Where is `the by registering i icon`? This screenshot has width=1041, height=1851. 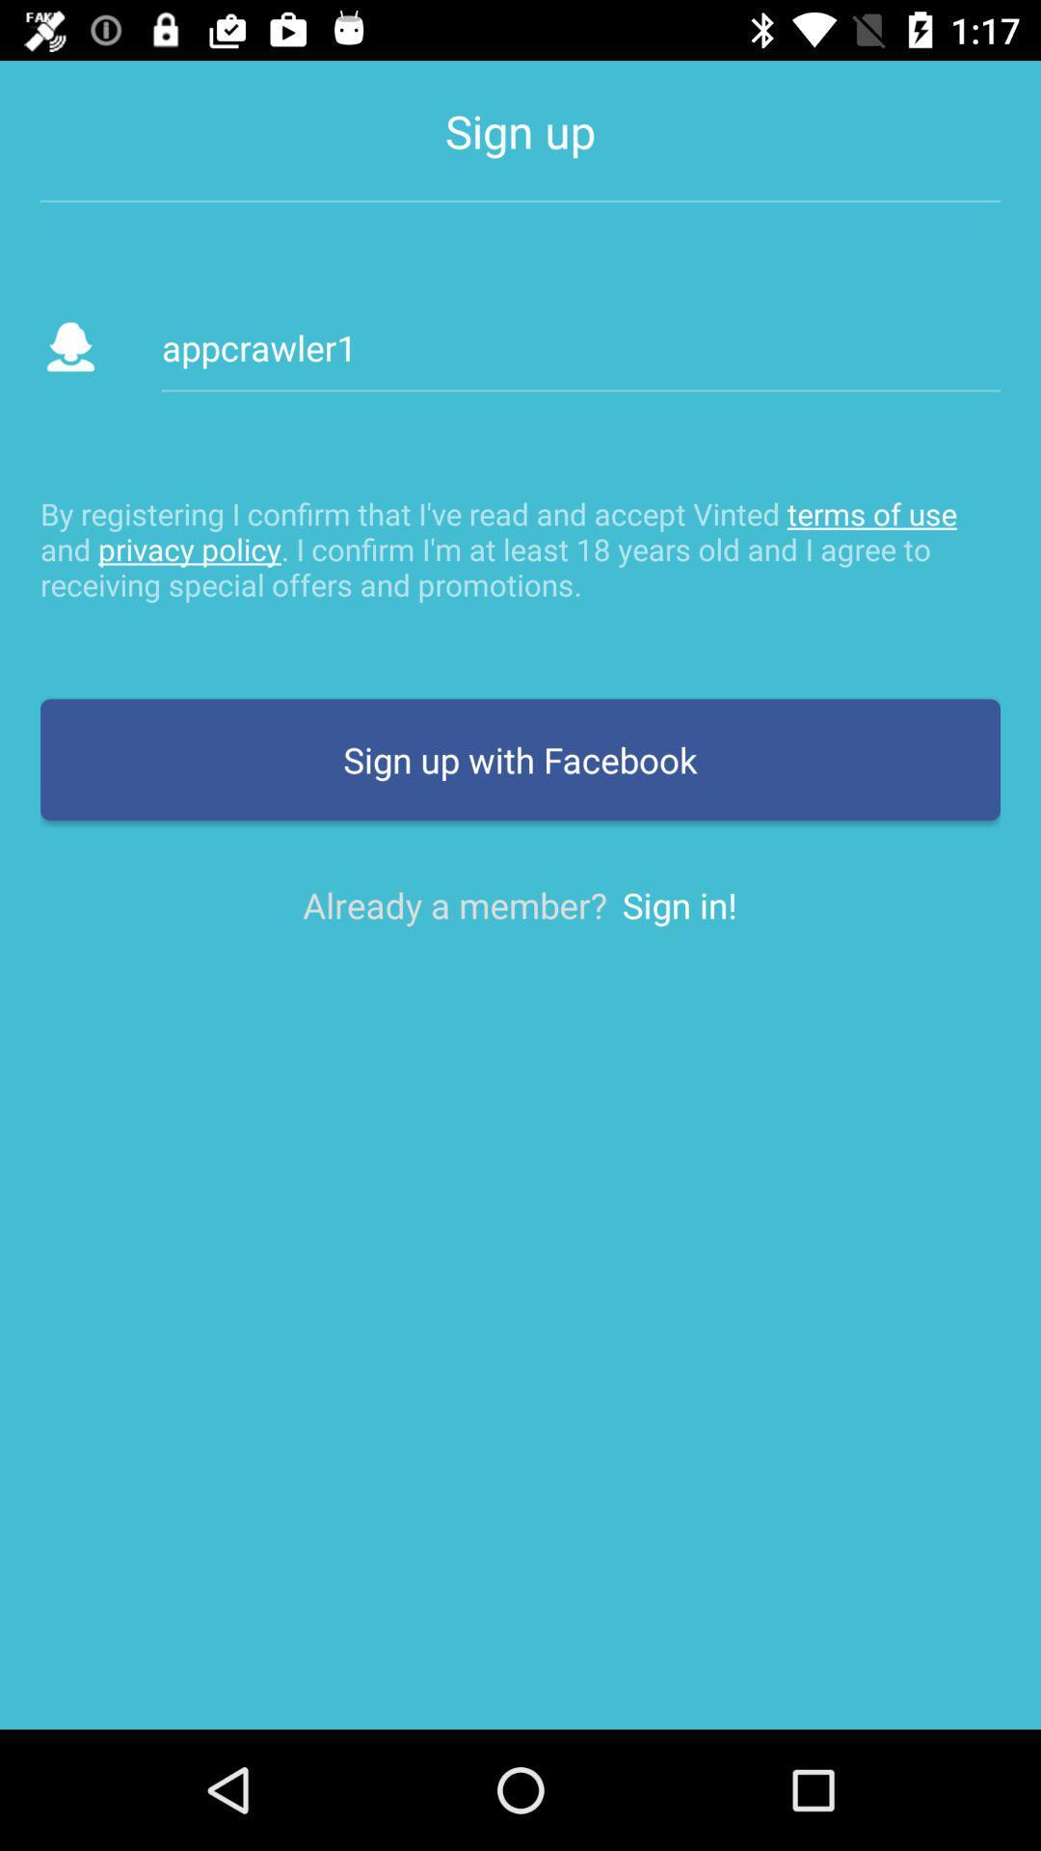
the by registering i icon is located at coordinates (520, 548).